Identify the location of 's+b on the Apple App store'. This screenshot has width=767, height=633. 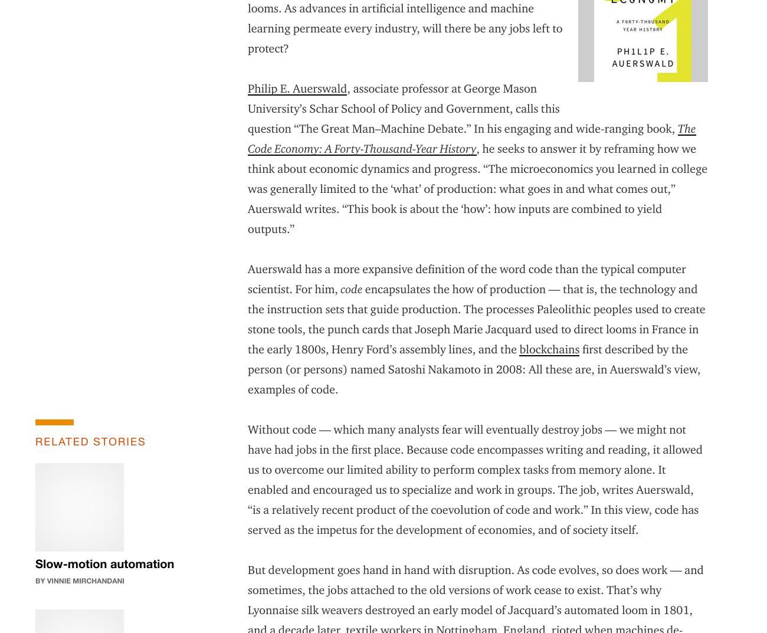
(595, 545).